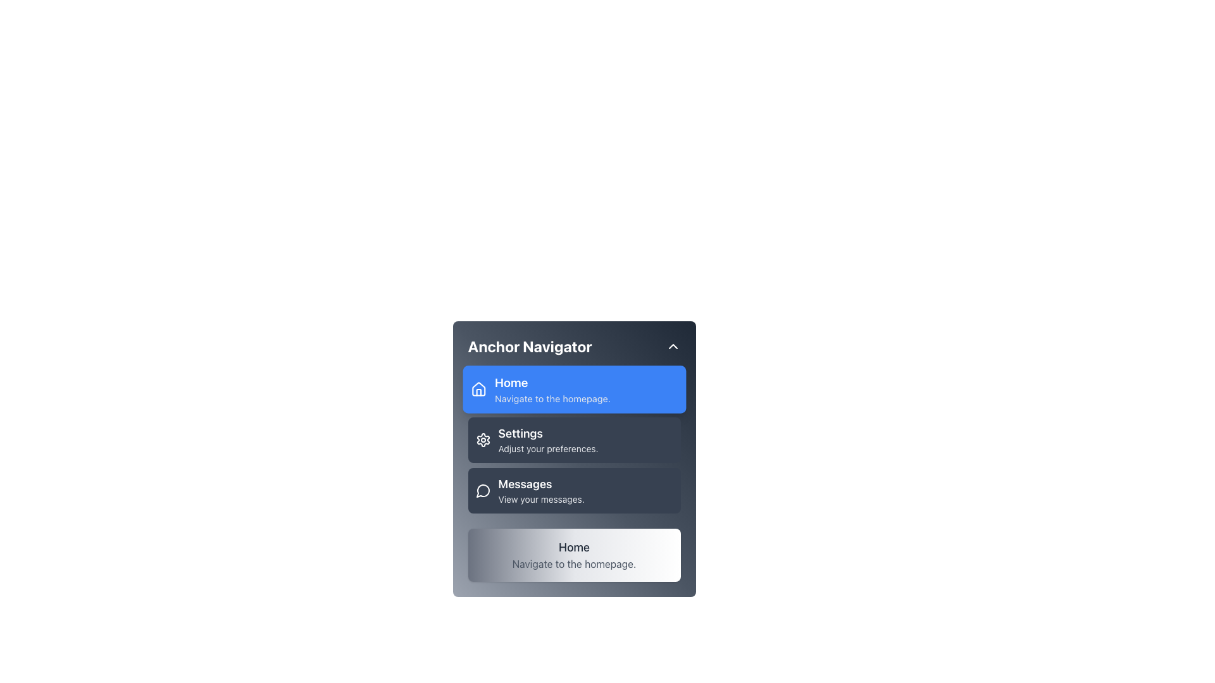  Describe the element at coordinates (573, 547) in the screenshot. I see `the text label at the top of the section in the 'Anchor Navigator' interface, which serves as a title or label for the associated content` at that location.